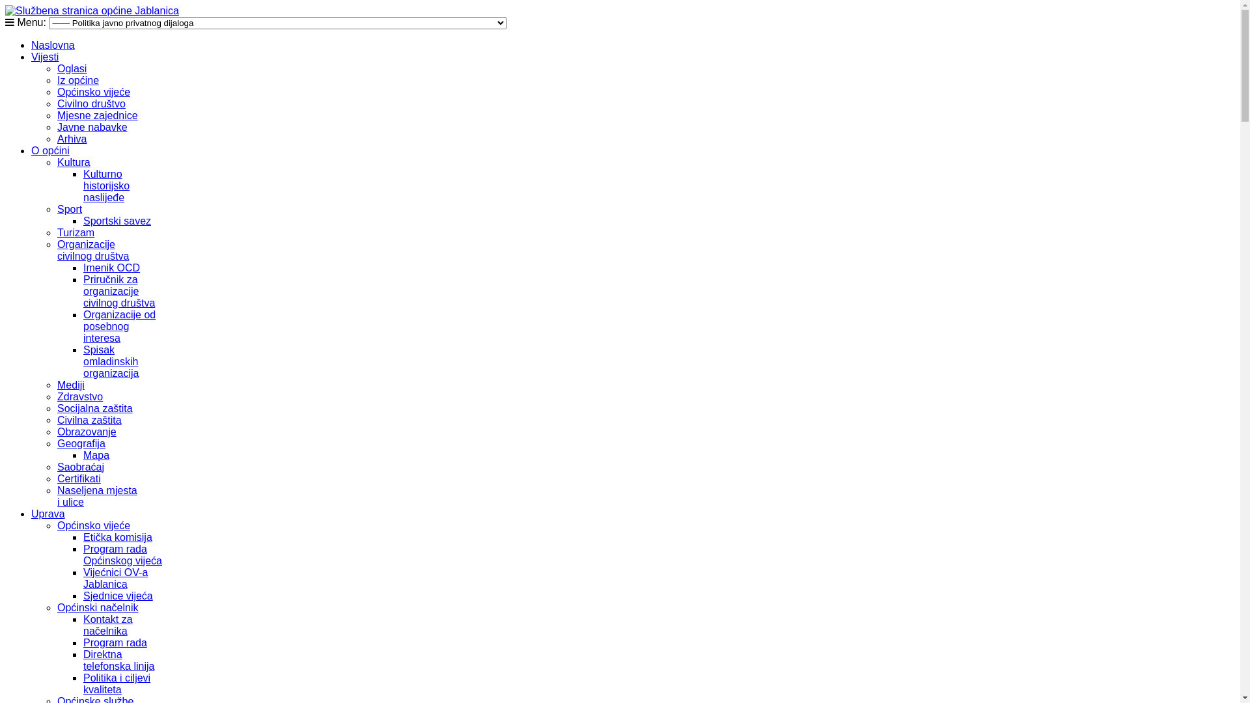 The height and width of the screenshot is (703, 1250). What do you see at coordinates (56, 139) in the screenshot?
I see `'Arhiva'` at bounding box center [56, 139].